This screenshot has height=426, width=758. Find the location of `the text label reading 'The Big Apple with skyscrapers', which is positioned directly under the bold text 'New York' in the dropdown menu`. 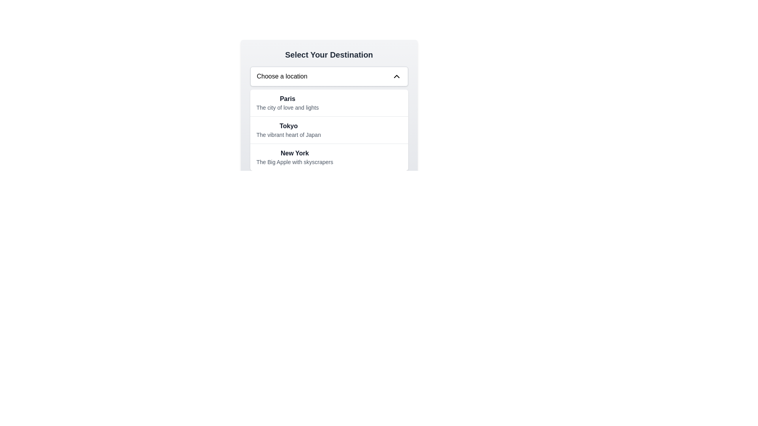

the text label reading 'The Big Apple with skyscrapers', which is positioned directly under the bold text 'New York' in the dropdown menu is located at coordinates (294, 162).